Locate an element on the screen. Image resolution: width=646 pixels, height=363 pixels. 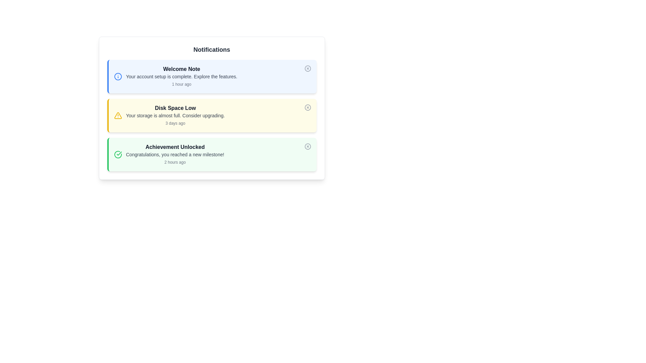
the triangle icon with a yellow border that indicates a warning, located in the top-left corner of the 'Disk Space Low' notification card is located at coordinates (118, 115).